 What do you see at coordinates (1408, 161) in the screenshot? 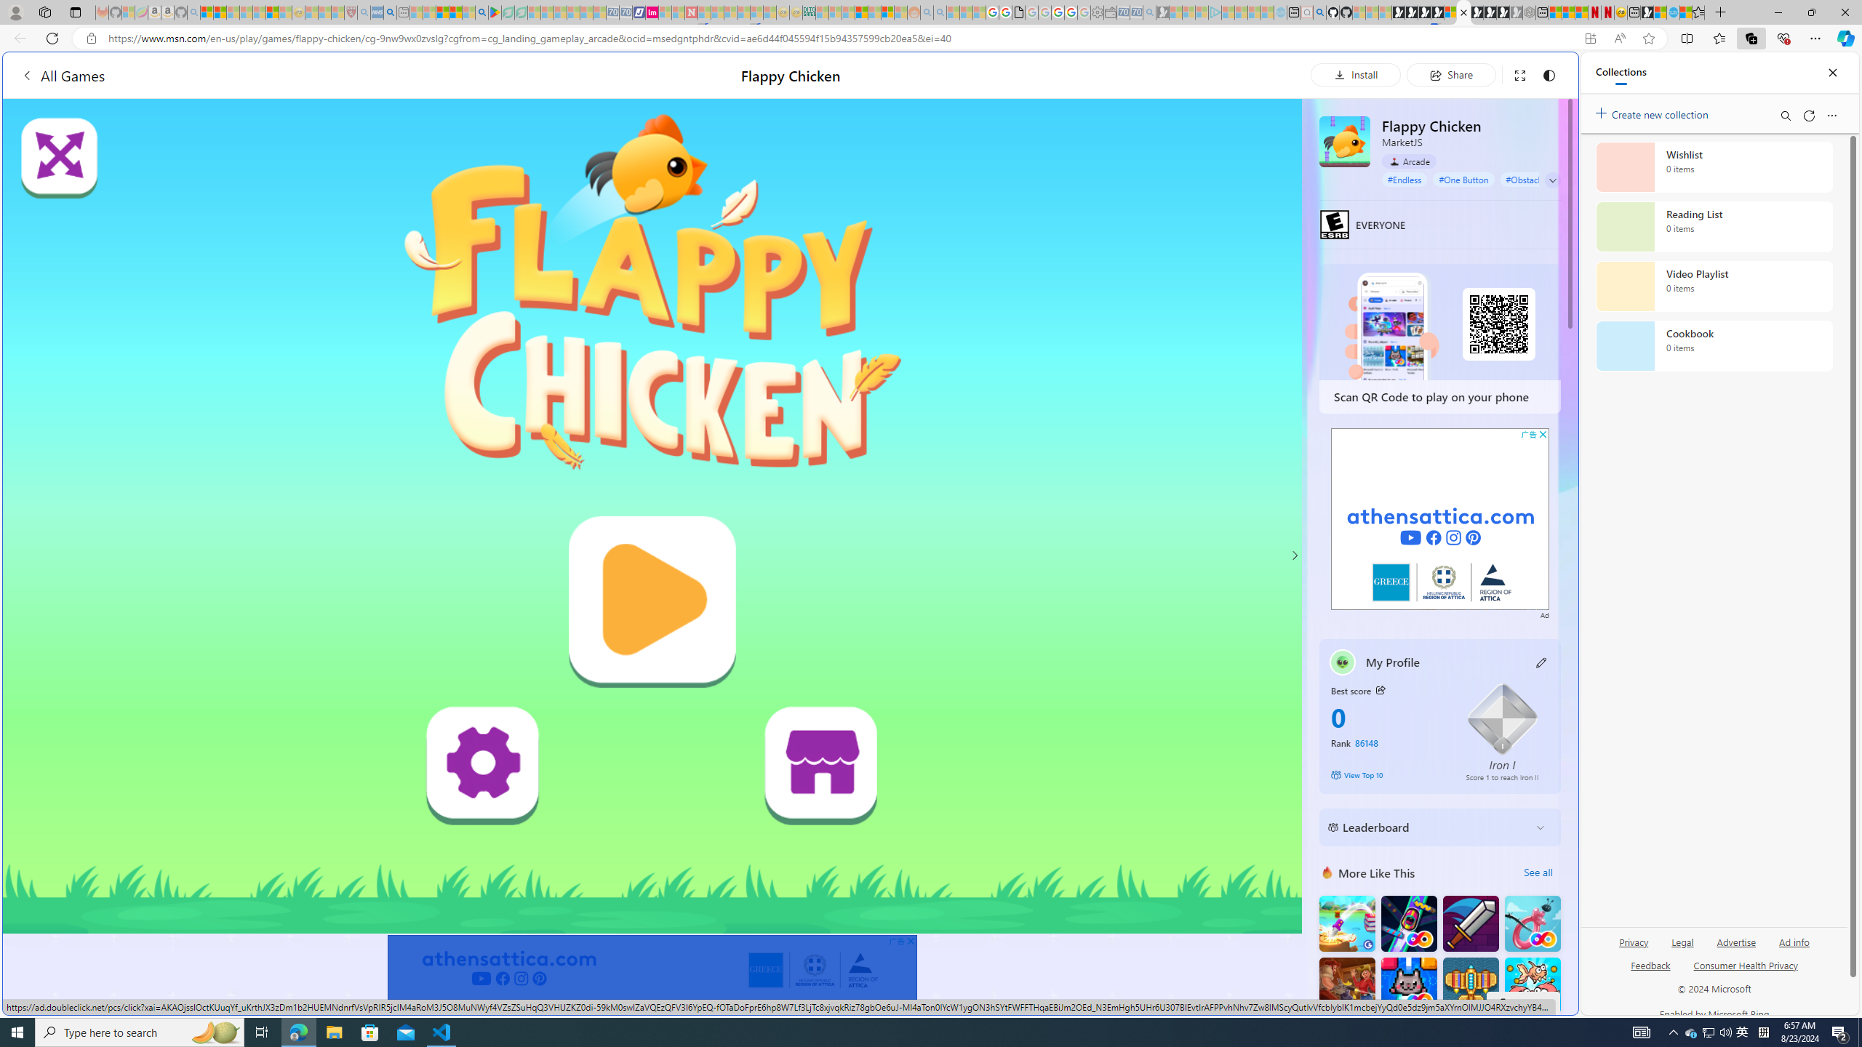
I see `'Arcade'` at bounding box center [1408, 161].